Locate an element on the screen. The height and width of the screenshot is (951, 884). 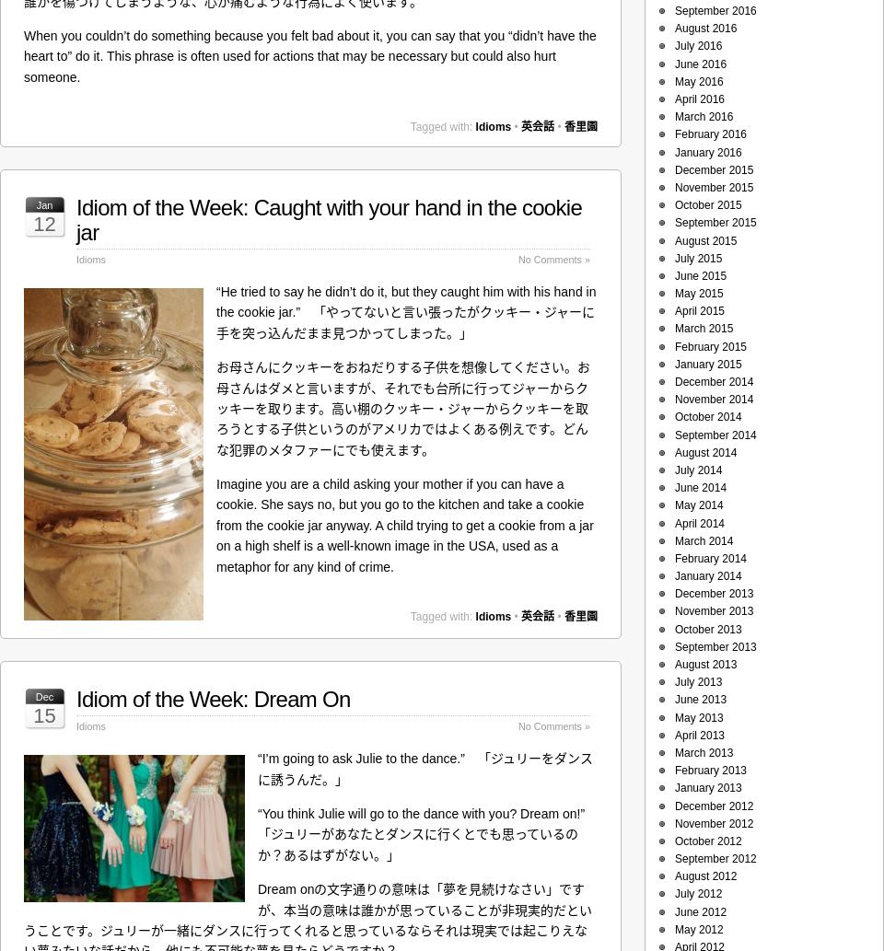
'May 2015' is located at coordinates (697, 292).